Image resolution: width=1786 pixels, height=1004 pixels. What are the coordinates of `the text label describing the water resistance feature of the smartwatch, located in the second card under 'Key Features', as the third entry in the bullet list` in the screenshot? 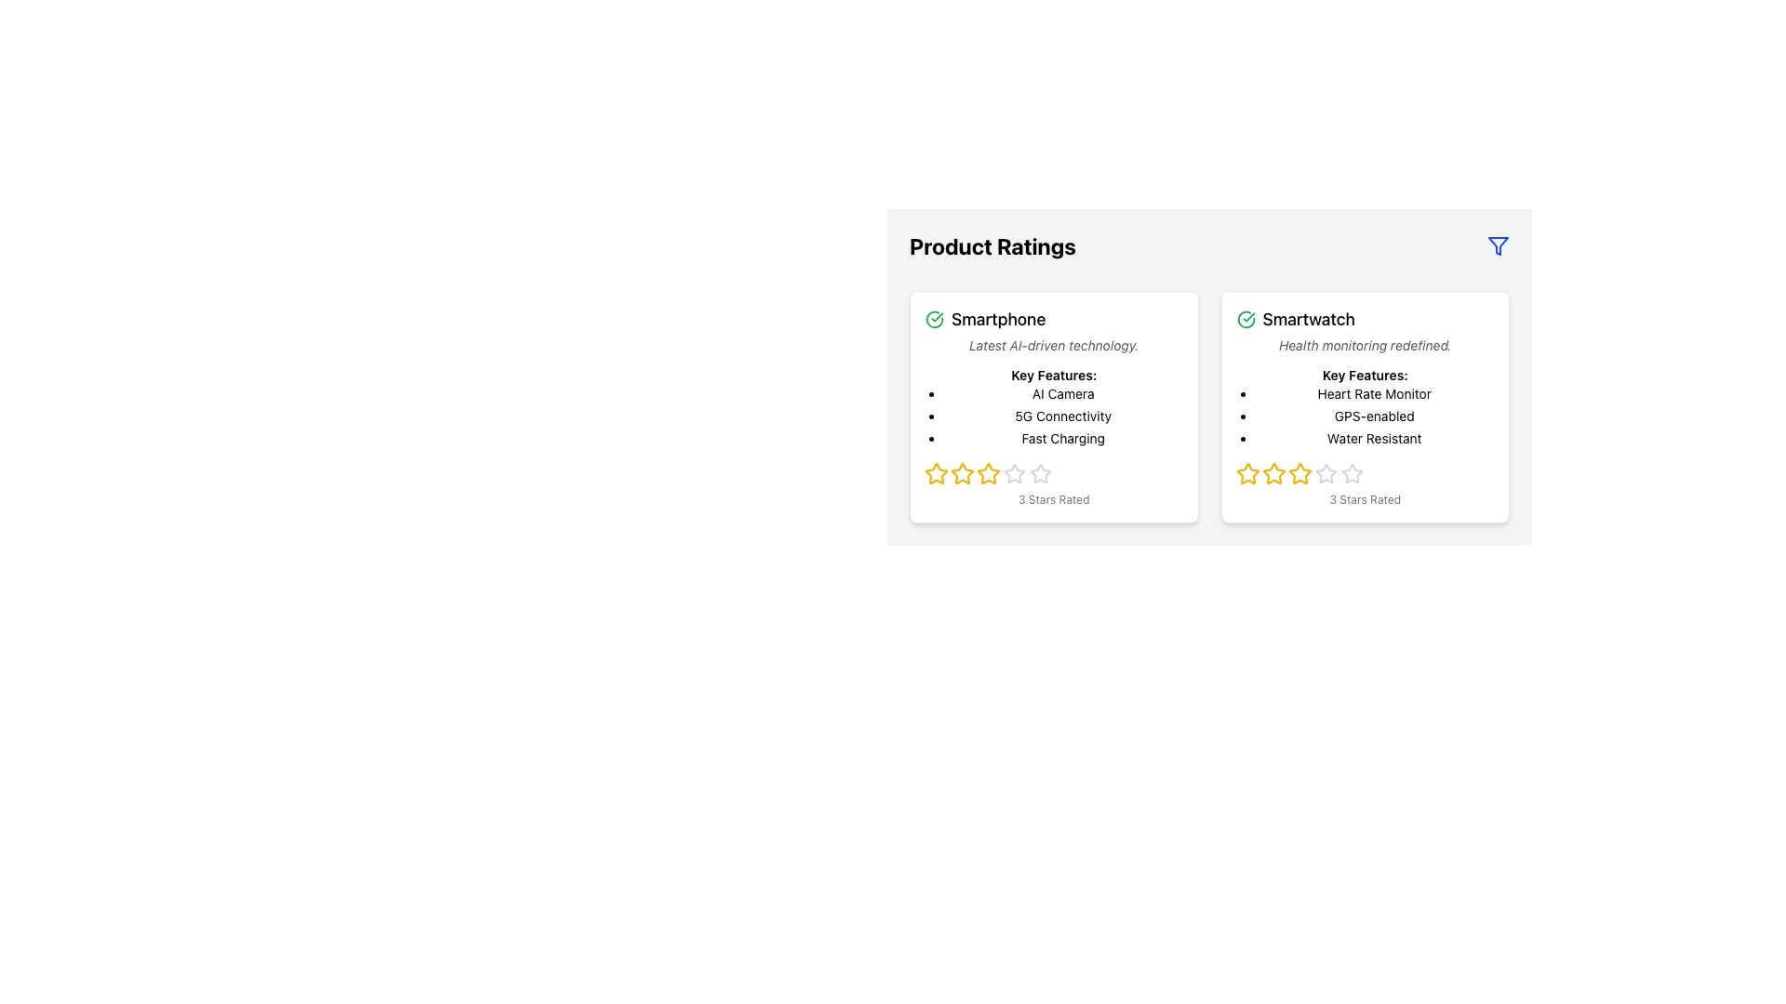 It's located at (1374, 438).